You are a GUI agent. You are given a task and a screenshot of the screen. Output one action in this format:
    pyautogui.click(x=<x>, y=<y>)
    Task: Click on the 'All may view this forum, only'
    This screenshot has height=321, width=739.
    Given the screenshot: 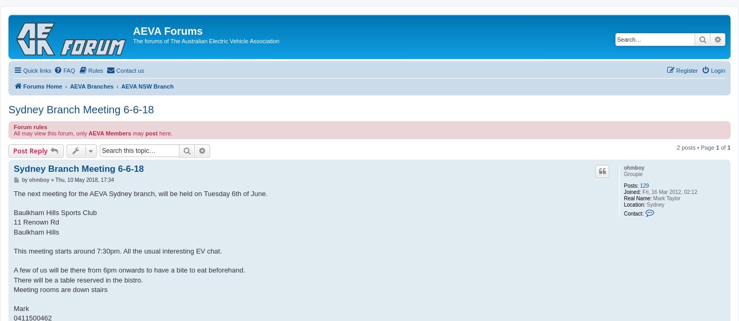 What is the action you would take?
    pyautogui.click(x=51, y=132)
    